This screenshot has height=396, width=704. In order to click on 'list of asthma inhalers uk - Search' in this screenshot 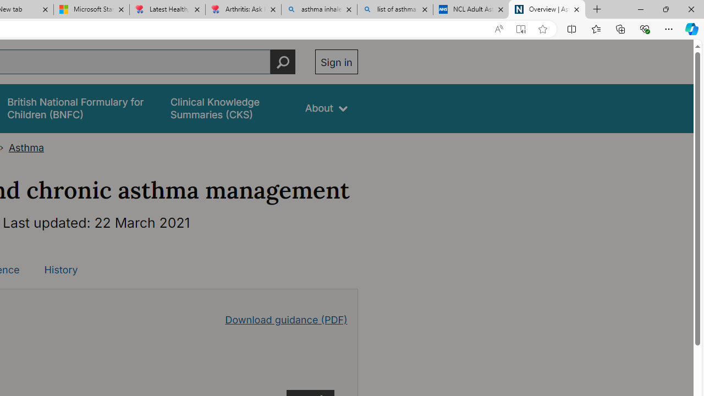, I will do `click(395, 9)`.